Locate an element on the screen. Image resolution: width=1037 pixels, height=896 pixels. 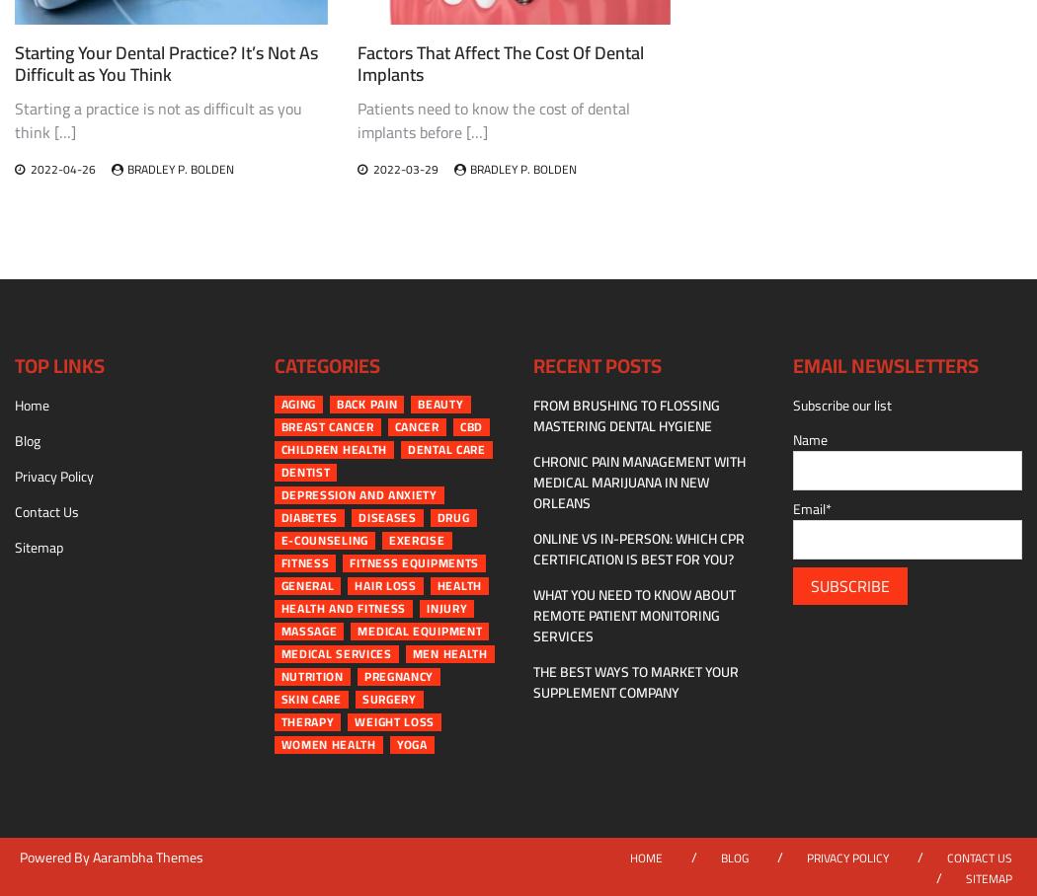
'Starting a practice is not as difficult as you think […]' is located at coordinates (158, 120).